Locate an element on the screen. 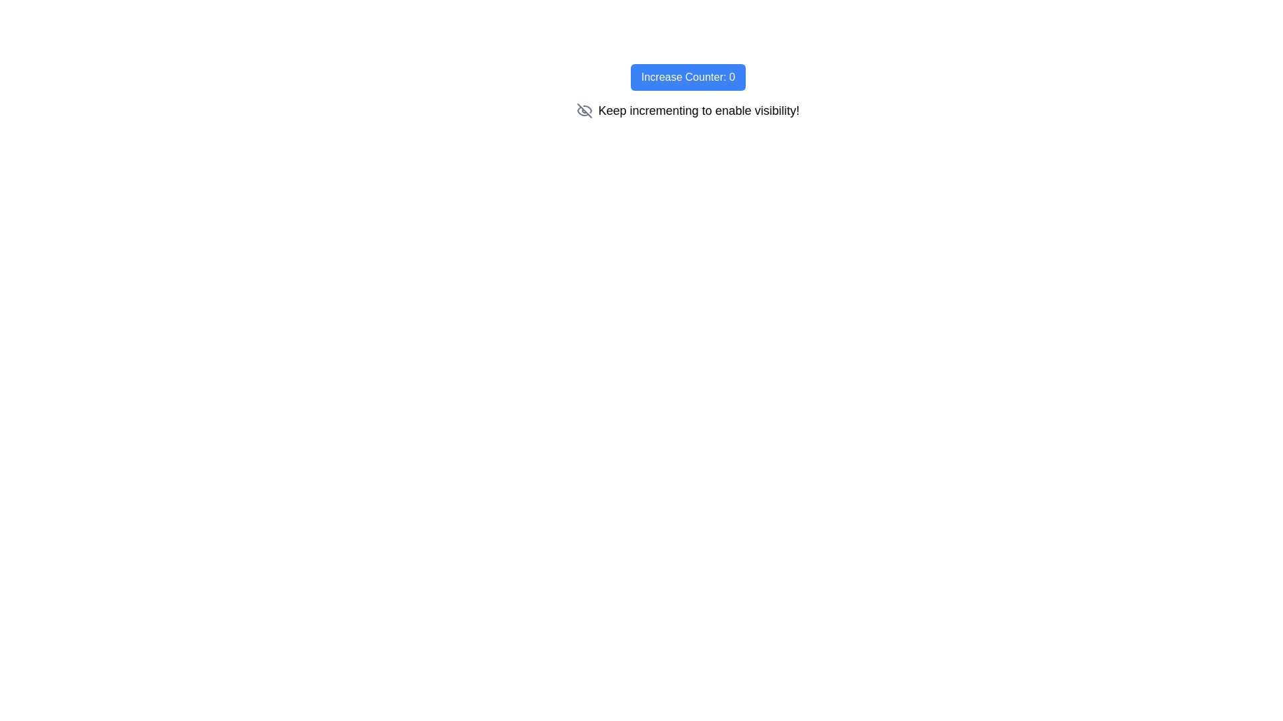 The image size is (1283, 721). the text element displaying 'Keep incrementing to enable visibility!' which is associated with a gray eye-off icon, located below the 'Increase Counter: 0' button is located at coordinates (688, 109).